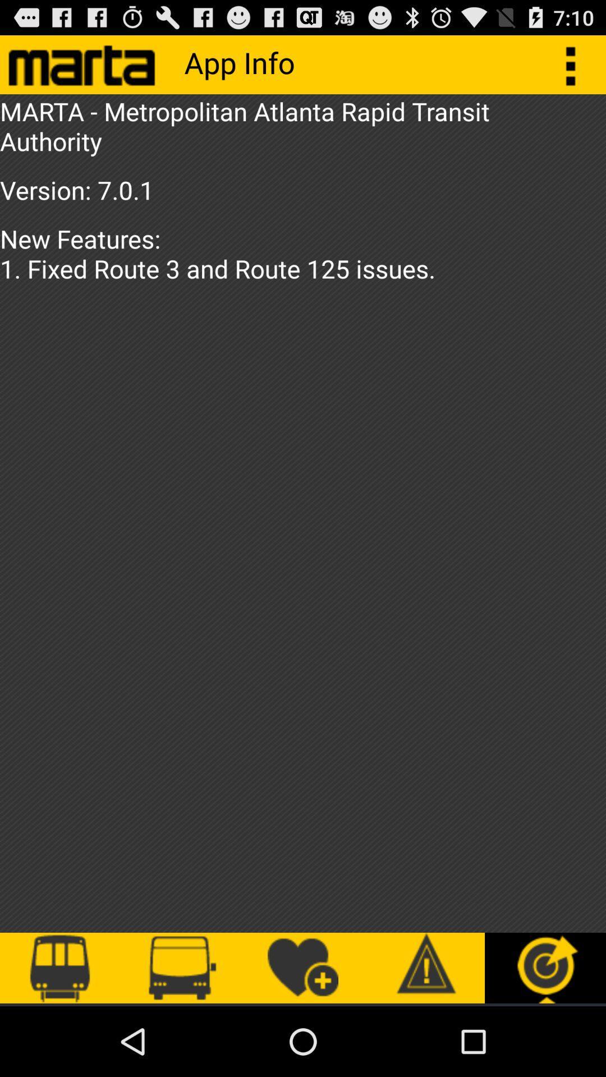  What do you see at coordinates (576, 64) in the screenshot?
I see `the icon at the top right corner` at bounding box center [576, 64].